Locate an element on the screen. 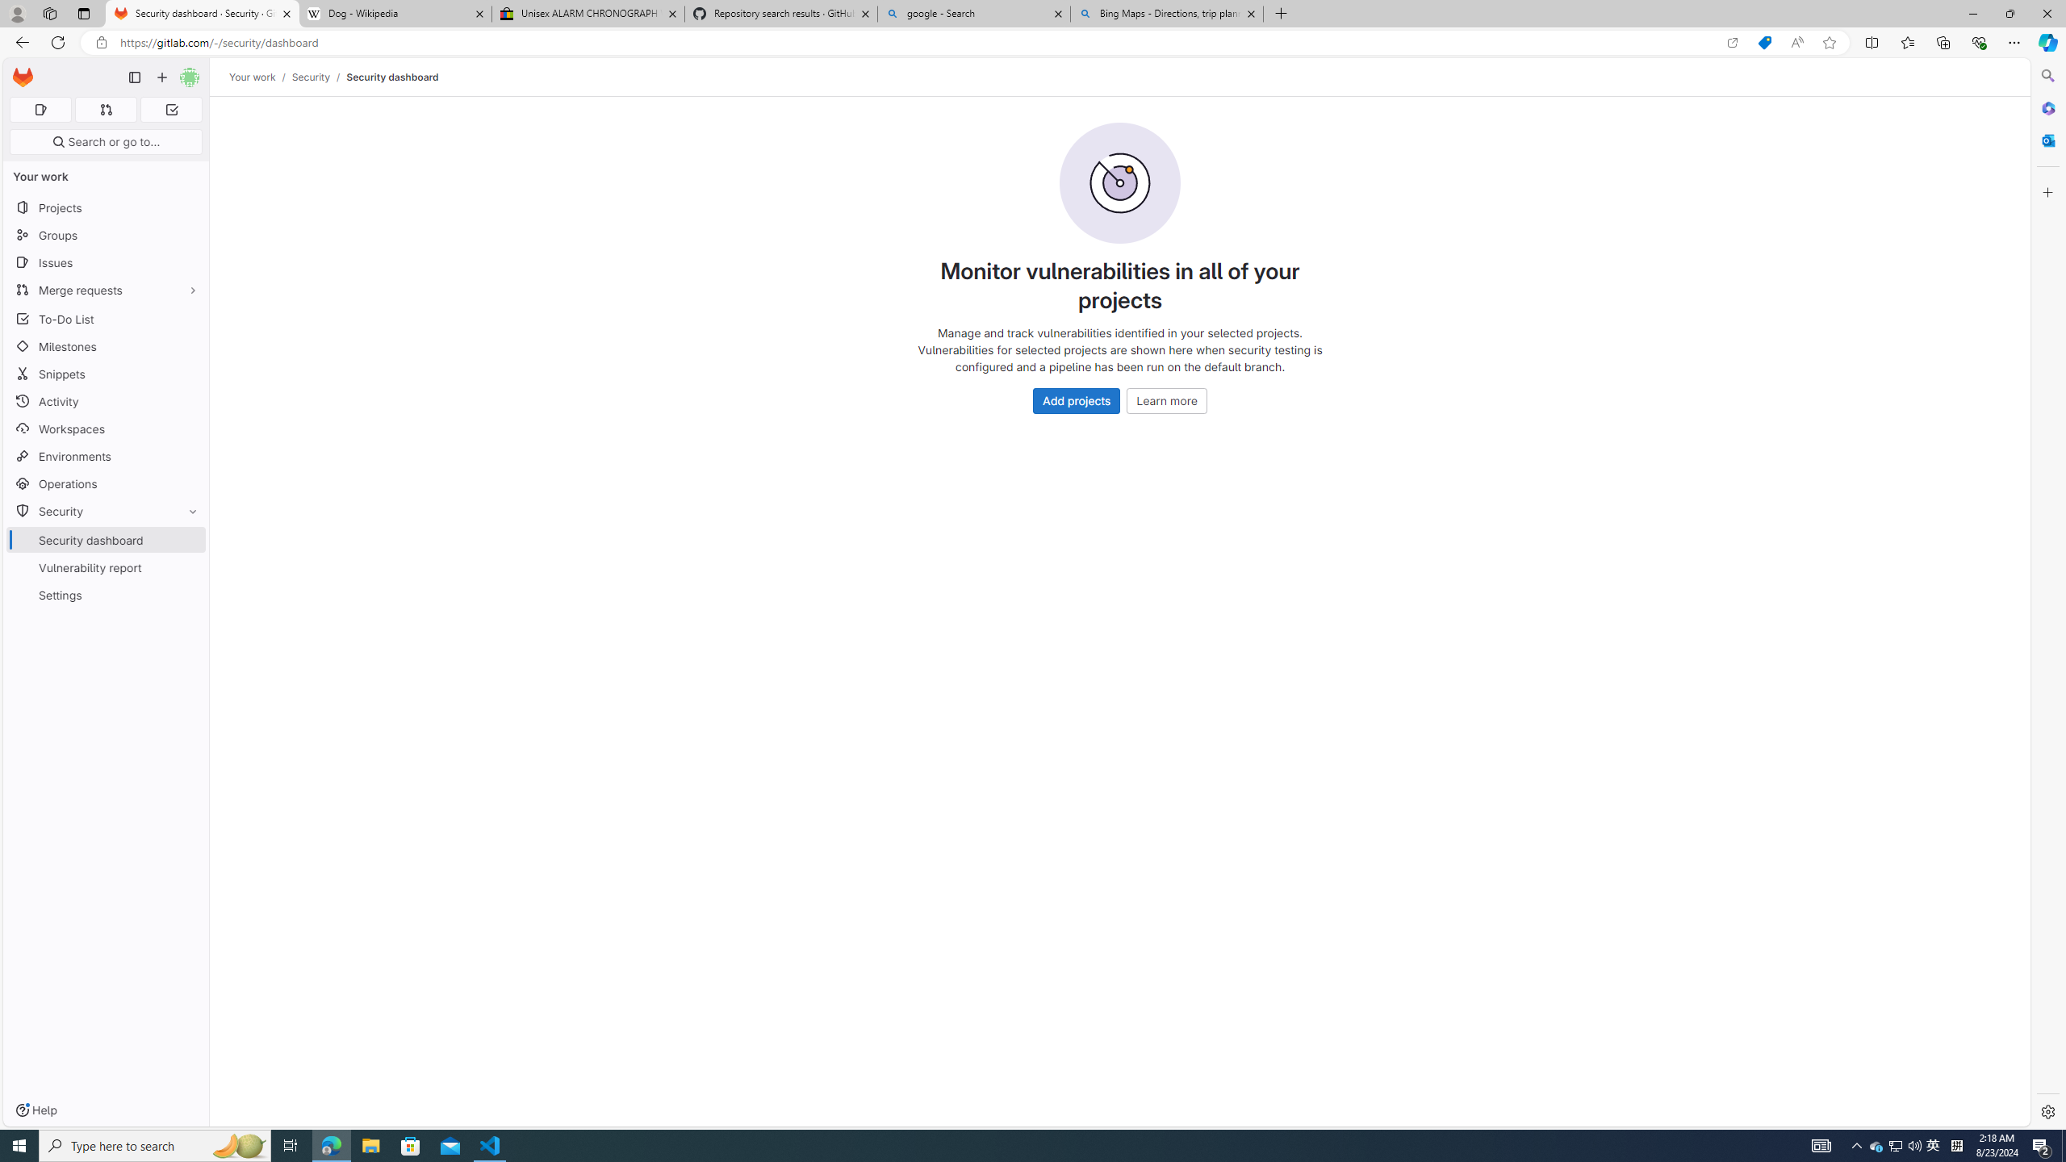 This screenshot has height=1162, width=2066. 'Snippets' is located at coordinates (105, 373).